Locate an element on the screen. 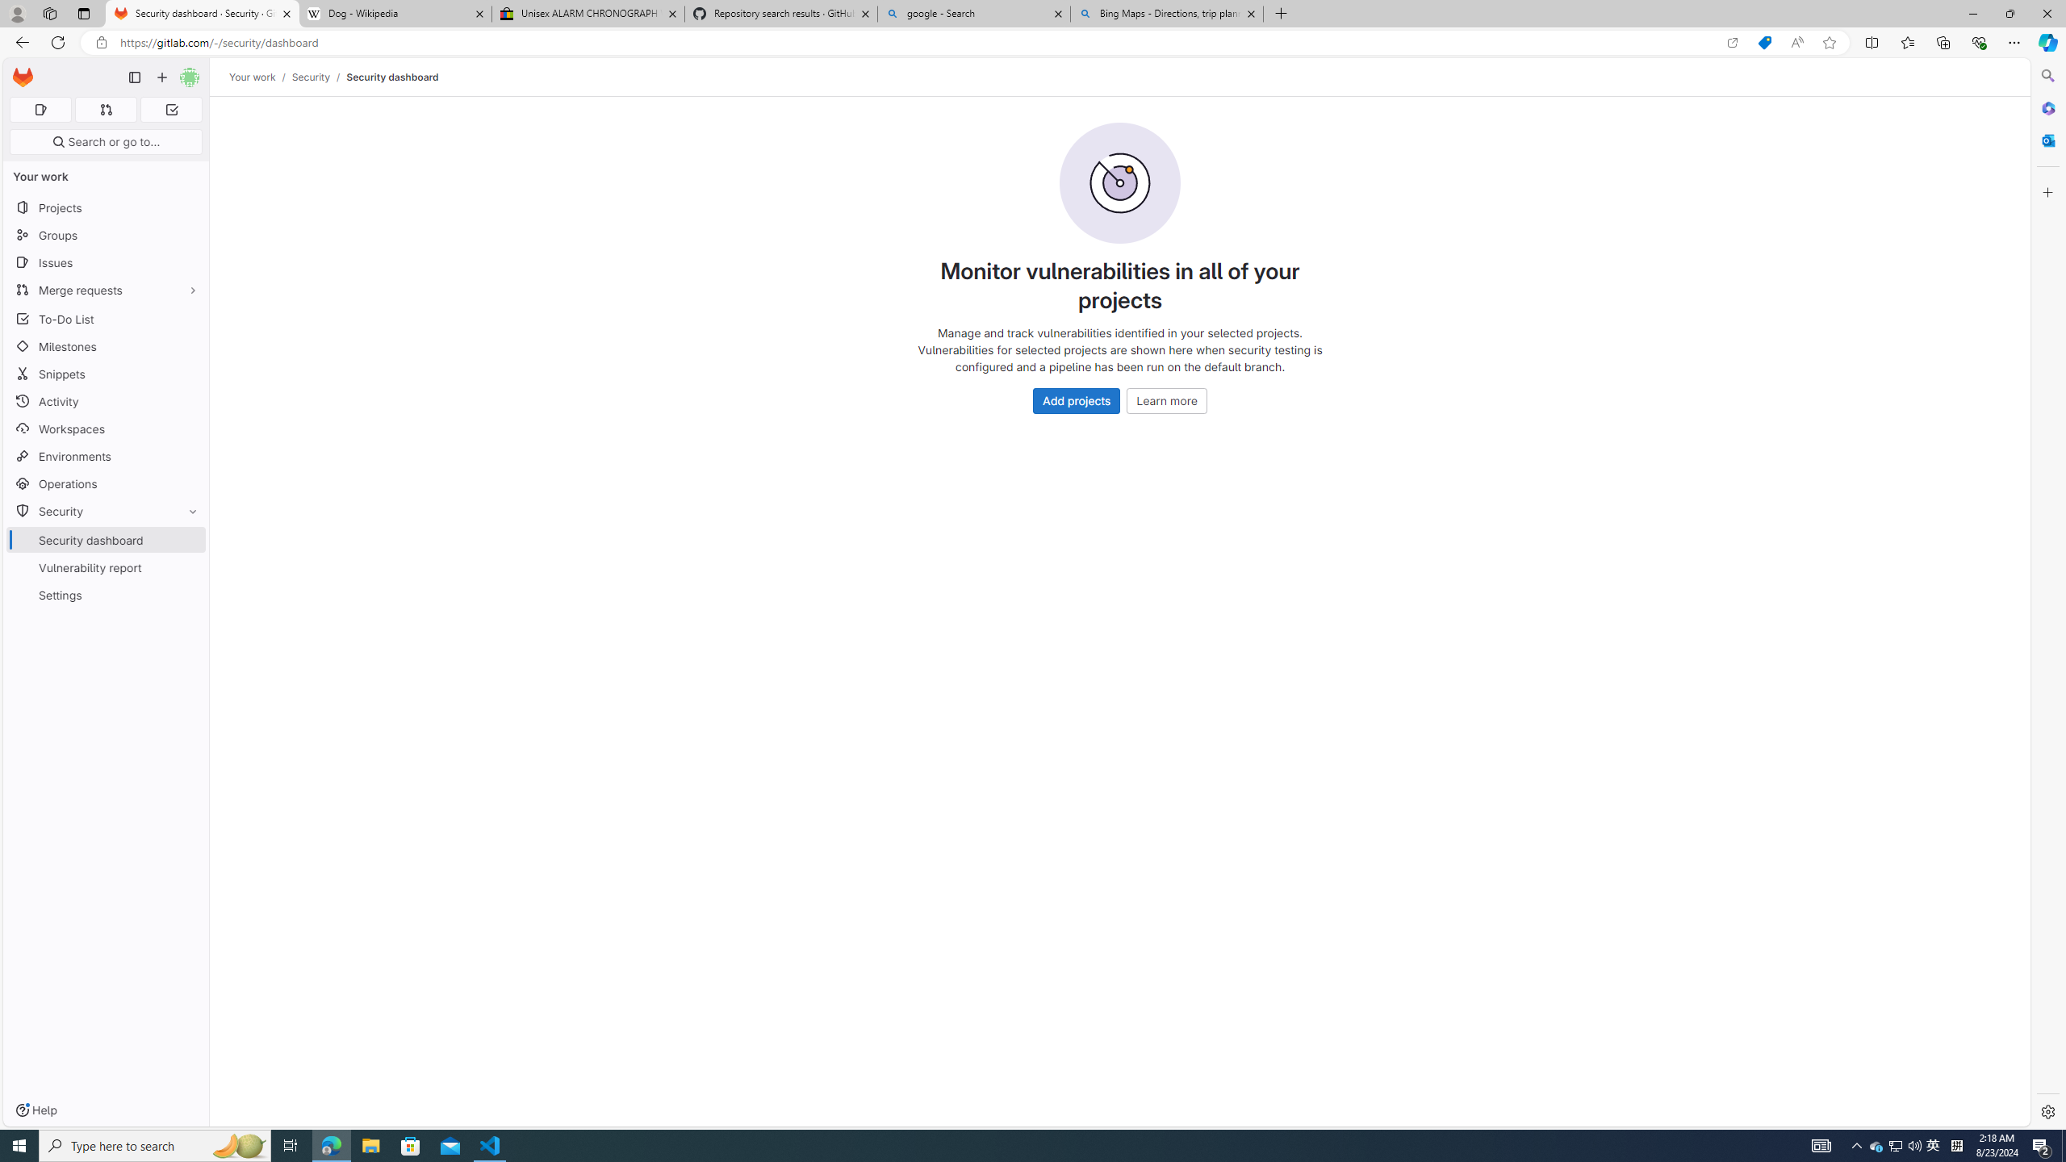 This screenshot has height=1162, width=2066. 'Snippets' is located at coordinates (105, 373).